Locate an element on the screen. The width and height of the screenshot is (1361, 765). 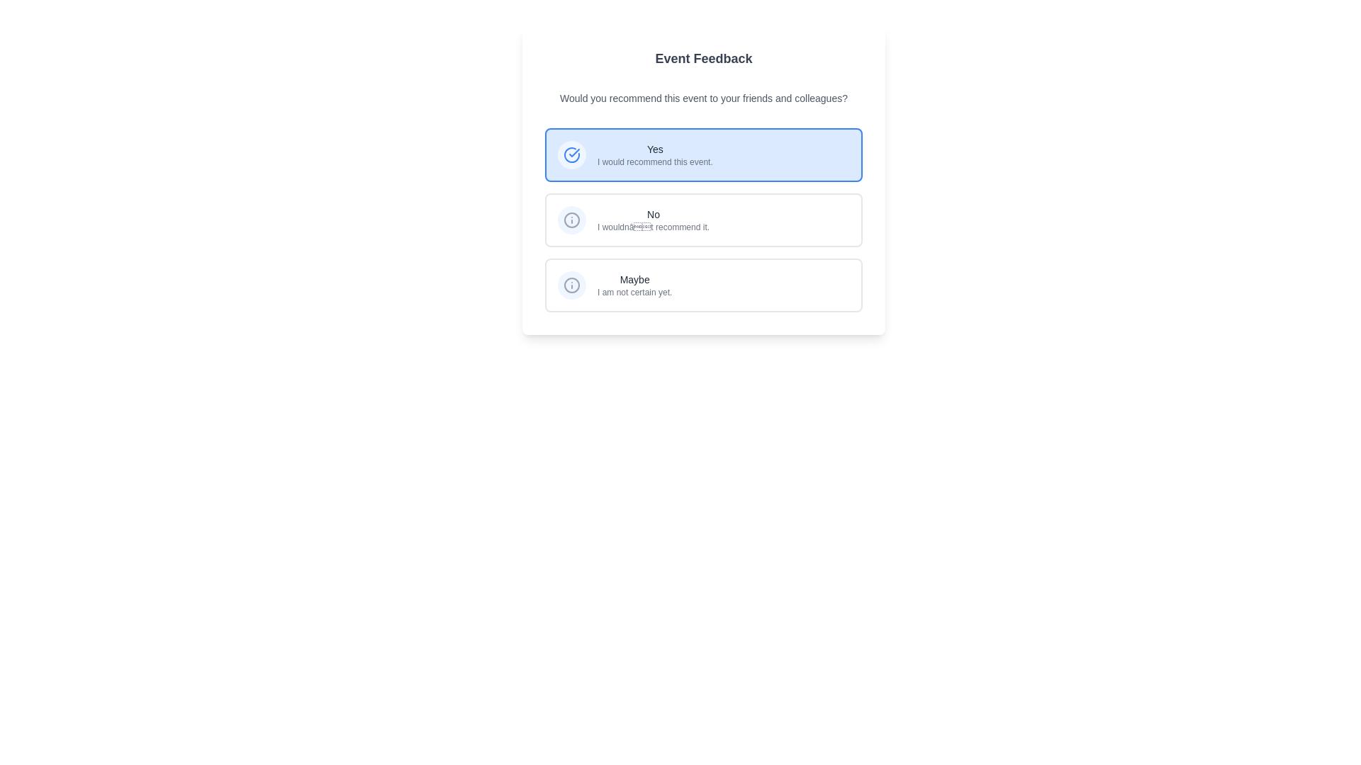
the 'No' option icon in the feedback form, which is part of the second option in a three-option list regarding event recommendations is located at coordinates (571, 220).